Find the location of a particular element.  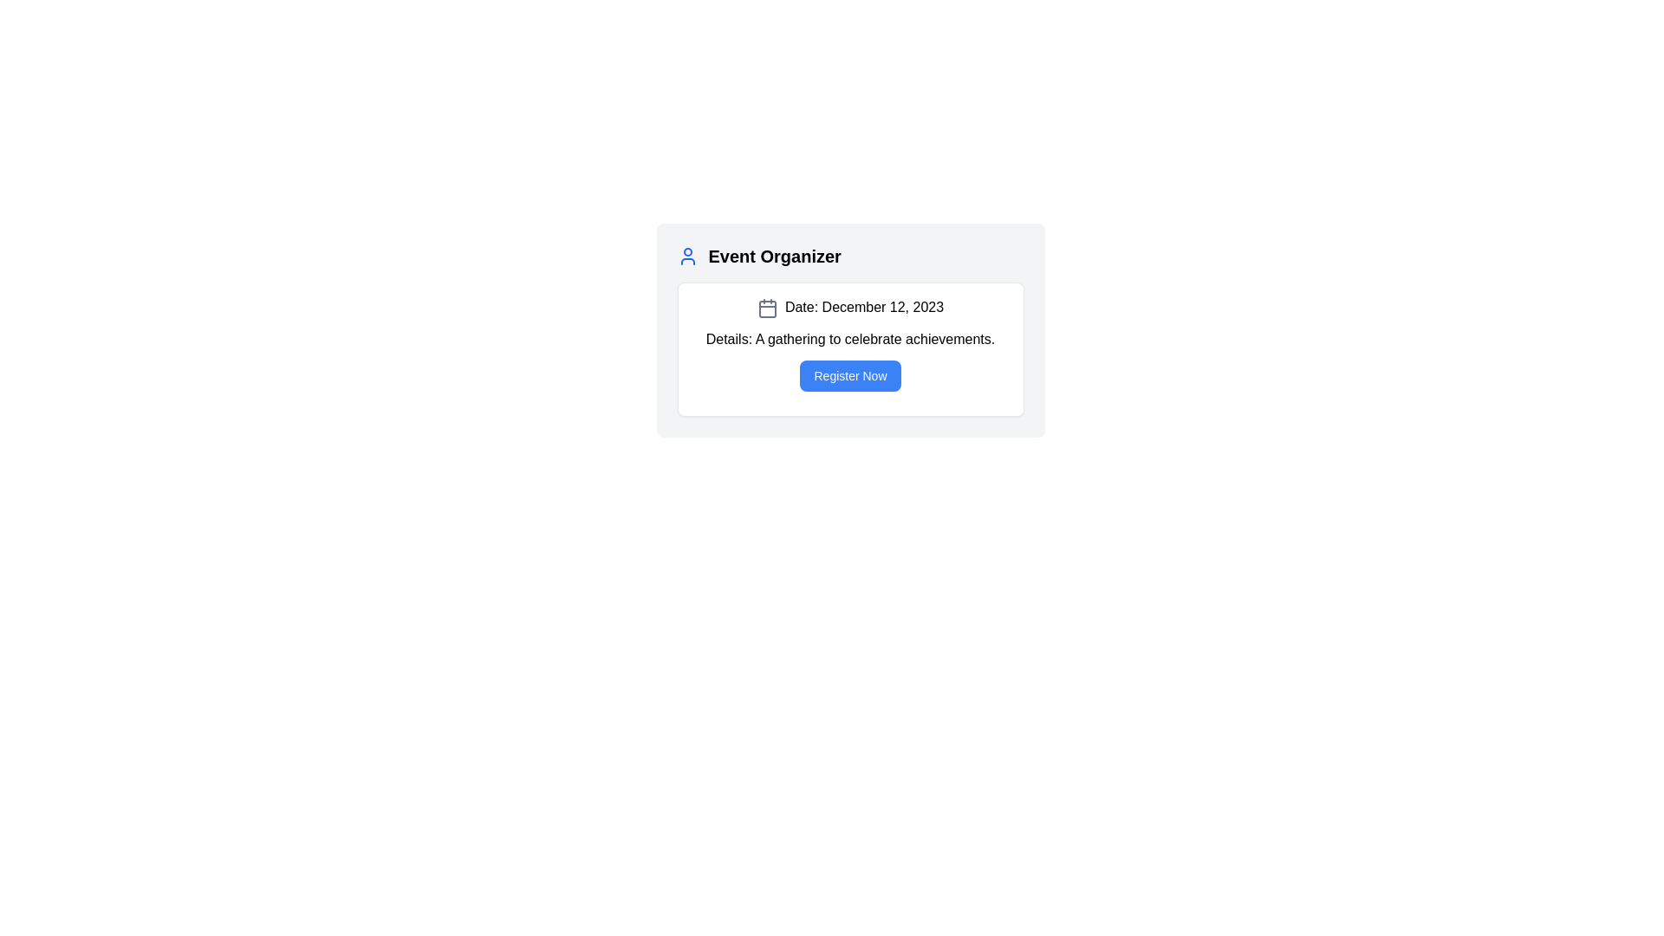

the static text label that indicates the meaning of the adjacent date text, which is positioned after a calendar icon and before 'December 12, 2023' in the main content area is located at coordinates (801, 306).